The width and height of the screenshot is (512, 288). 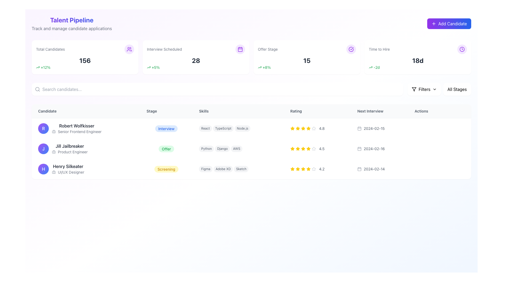 I want to click on the fifth star icon representing the fifth rating level for the candidate under 'Henry Silkeater' to rate it, so click(x=314, y=169).